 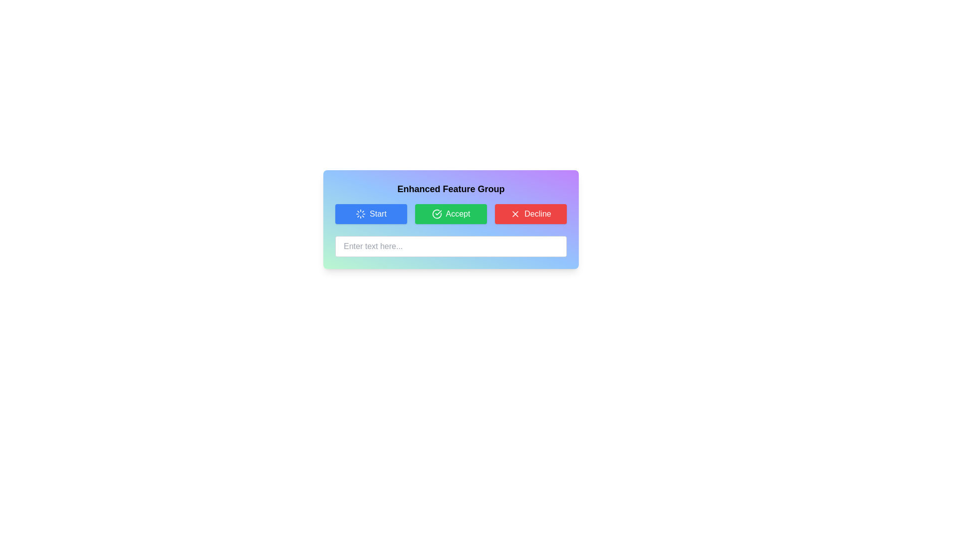 I want to click on the 'Start' text label within the blue button located in the top-left section of the button group, positioned between the icon and the 'Accept' and 'Decline' buttons, so click(x=378, y=213).